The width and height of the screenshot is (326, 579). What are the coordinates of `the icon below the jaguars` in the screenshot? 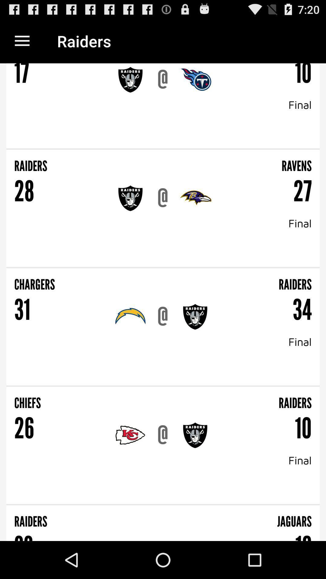 It's located at (303, 536).